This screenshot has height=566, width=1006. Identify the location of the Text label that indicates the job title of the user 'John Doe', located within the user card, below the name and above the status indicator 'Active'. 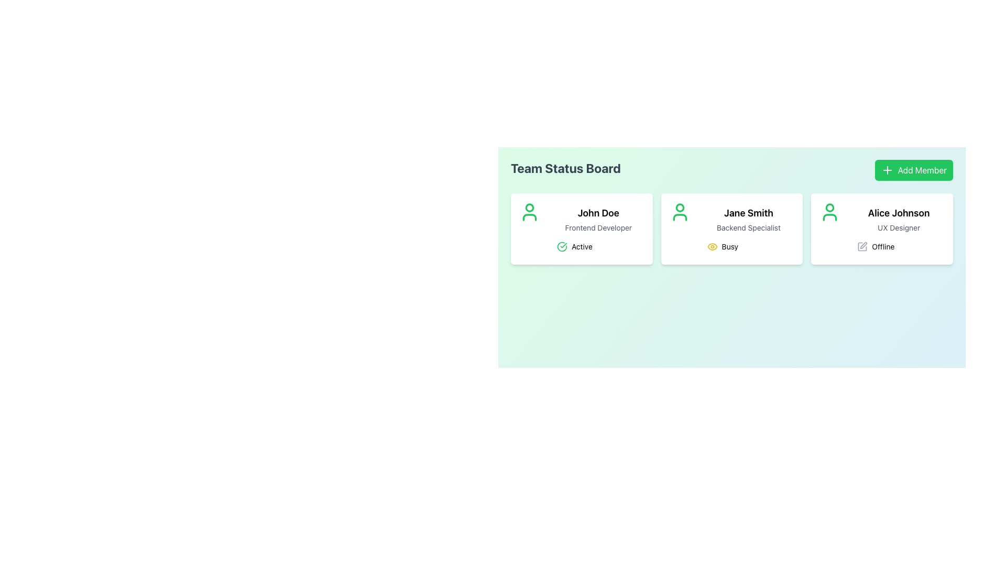
(598, 227).